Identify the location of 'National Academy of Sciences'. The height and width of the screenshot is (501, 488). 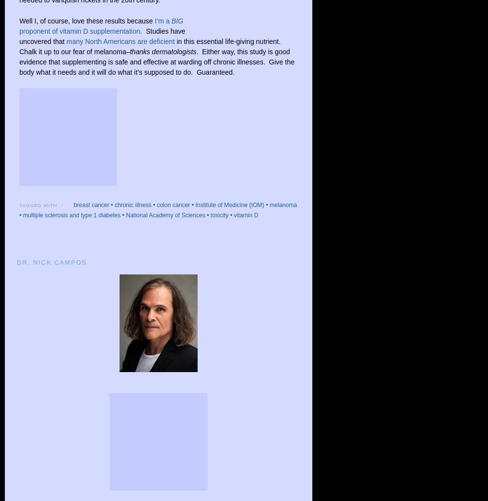
(165, 214).